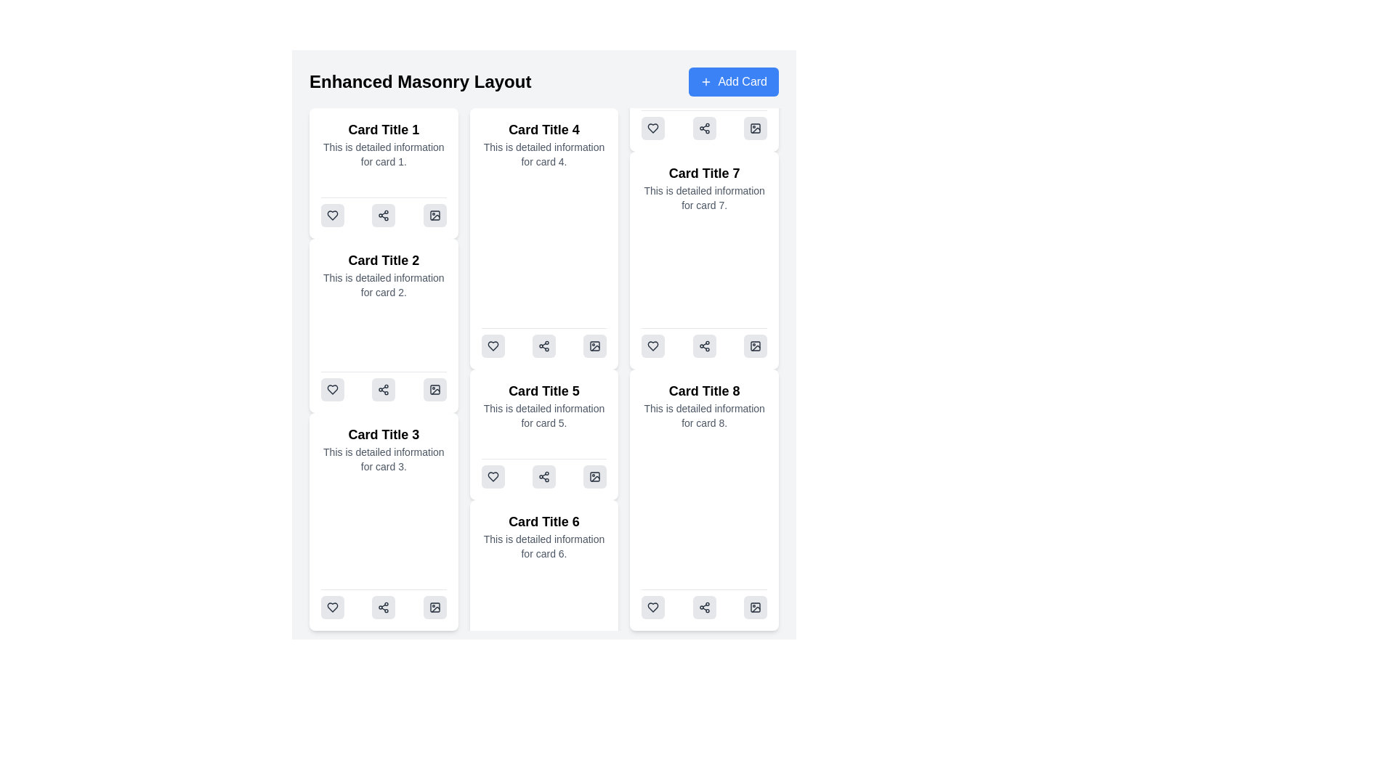 This screenshot has width=1395, height=784. What do you see at coordinates (384, 388) in the screenshot?
I see `the sharing button (second button in a group of three at the bottom of 'Card Title 3')` at bounding box center [384, 388].